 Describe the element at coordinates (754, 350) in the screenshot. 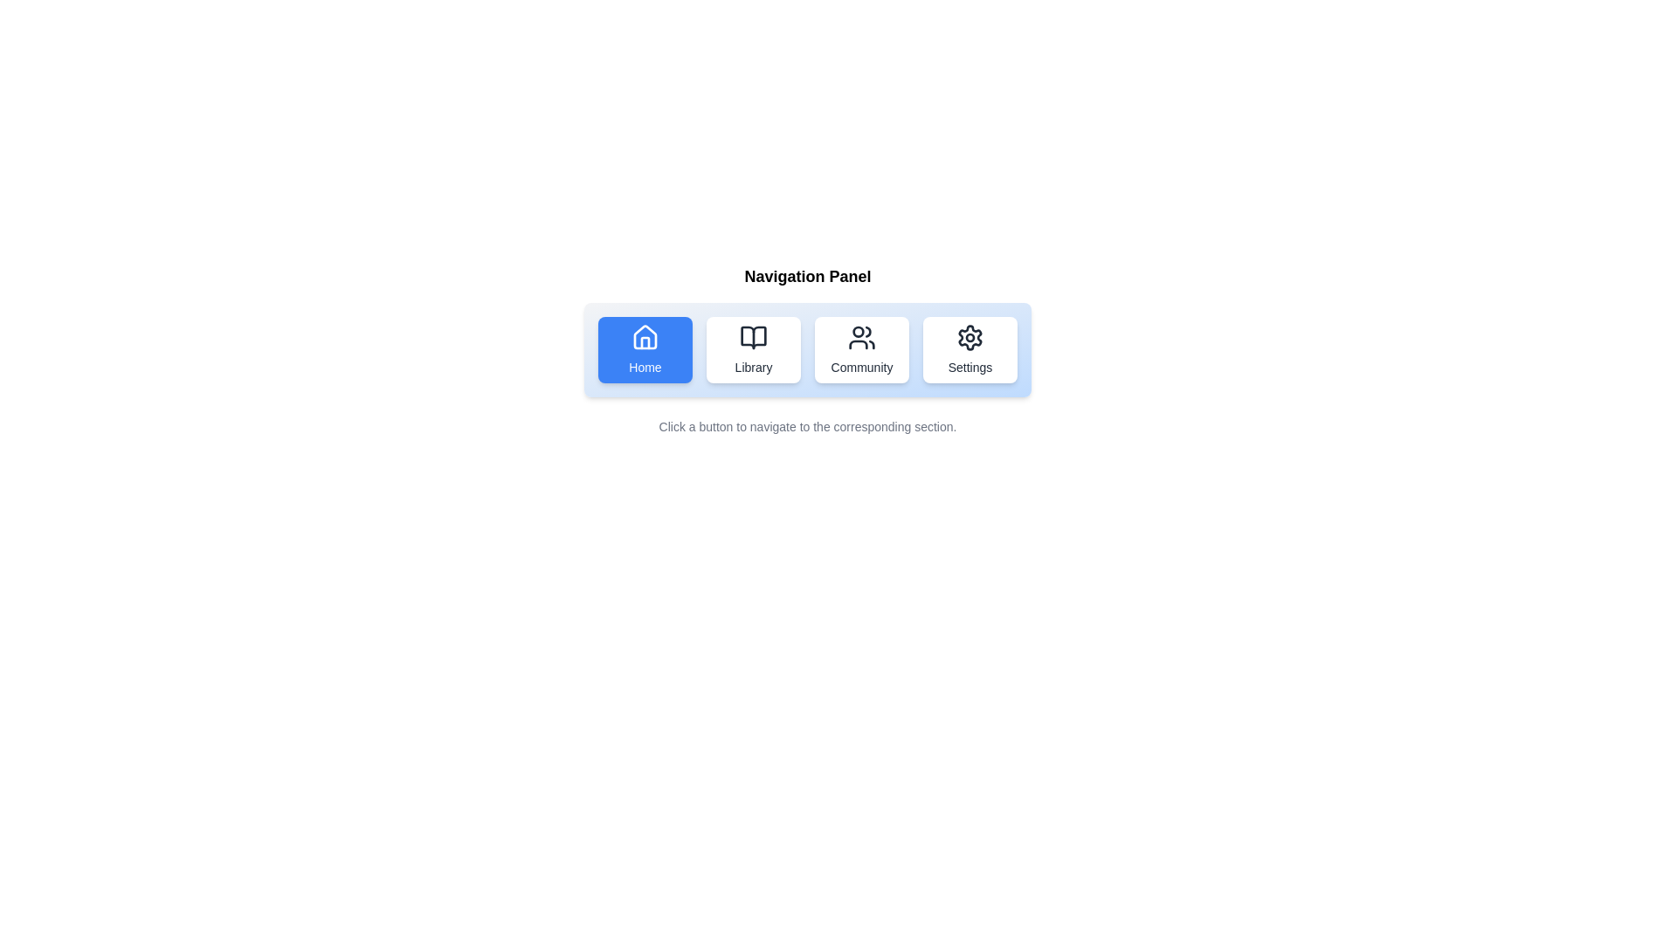

I see `the 'Library' button, which is a rectangular button with an open book icon and rounded corners, located between the 'Home' and 'Community' buttons in the navigation panel` at that location.